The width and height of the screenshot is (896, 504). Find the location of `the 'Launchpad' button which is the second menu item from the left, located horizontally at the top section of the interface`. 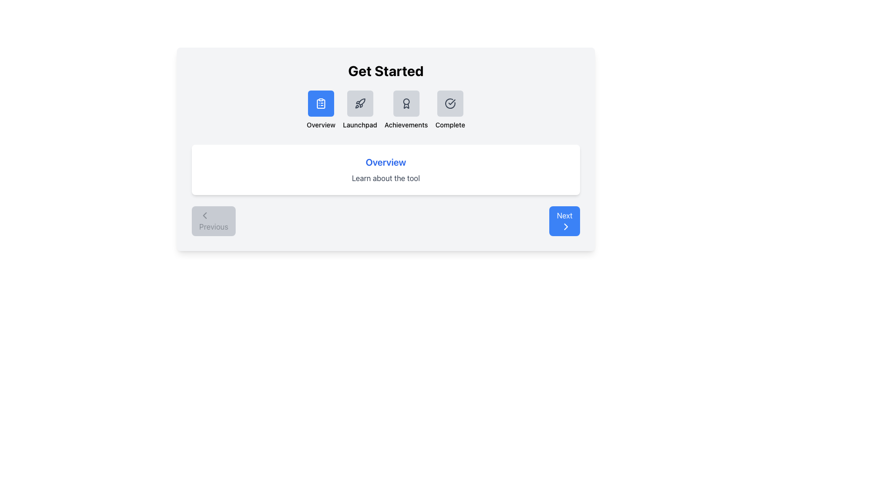

the 'Launchpad' button which is the second menu item from the left, located horizontally at the top section of the interface is located at coordinates (359, 109).